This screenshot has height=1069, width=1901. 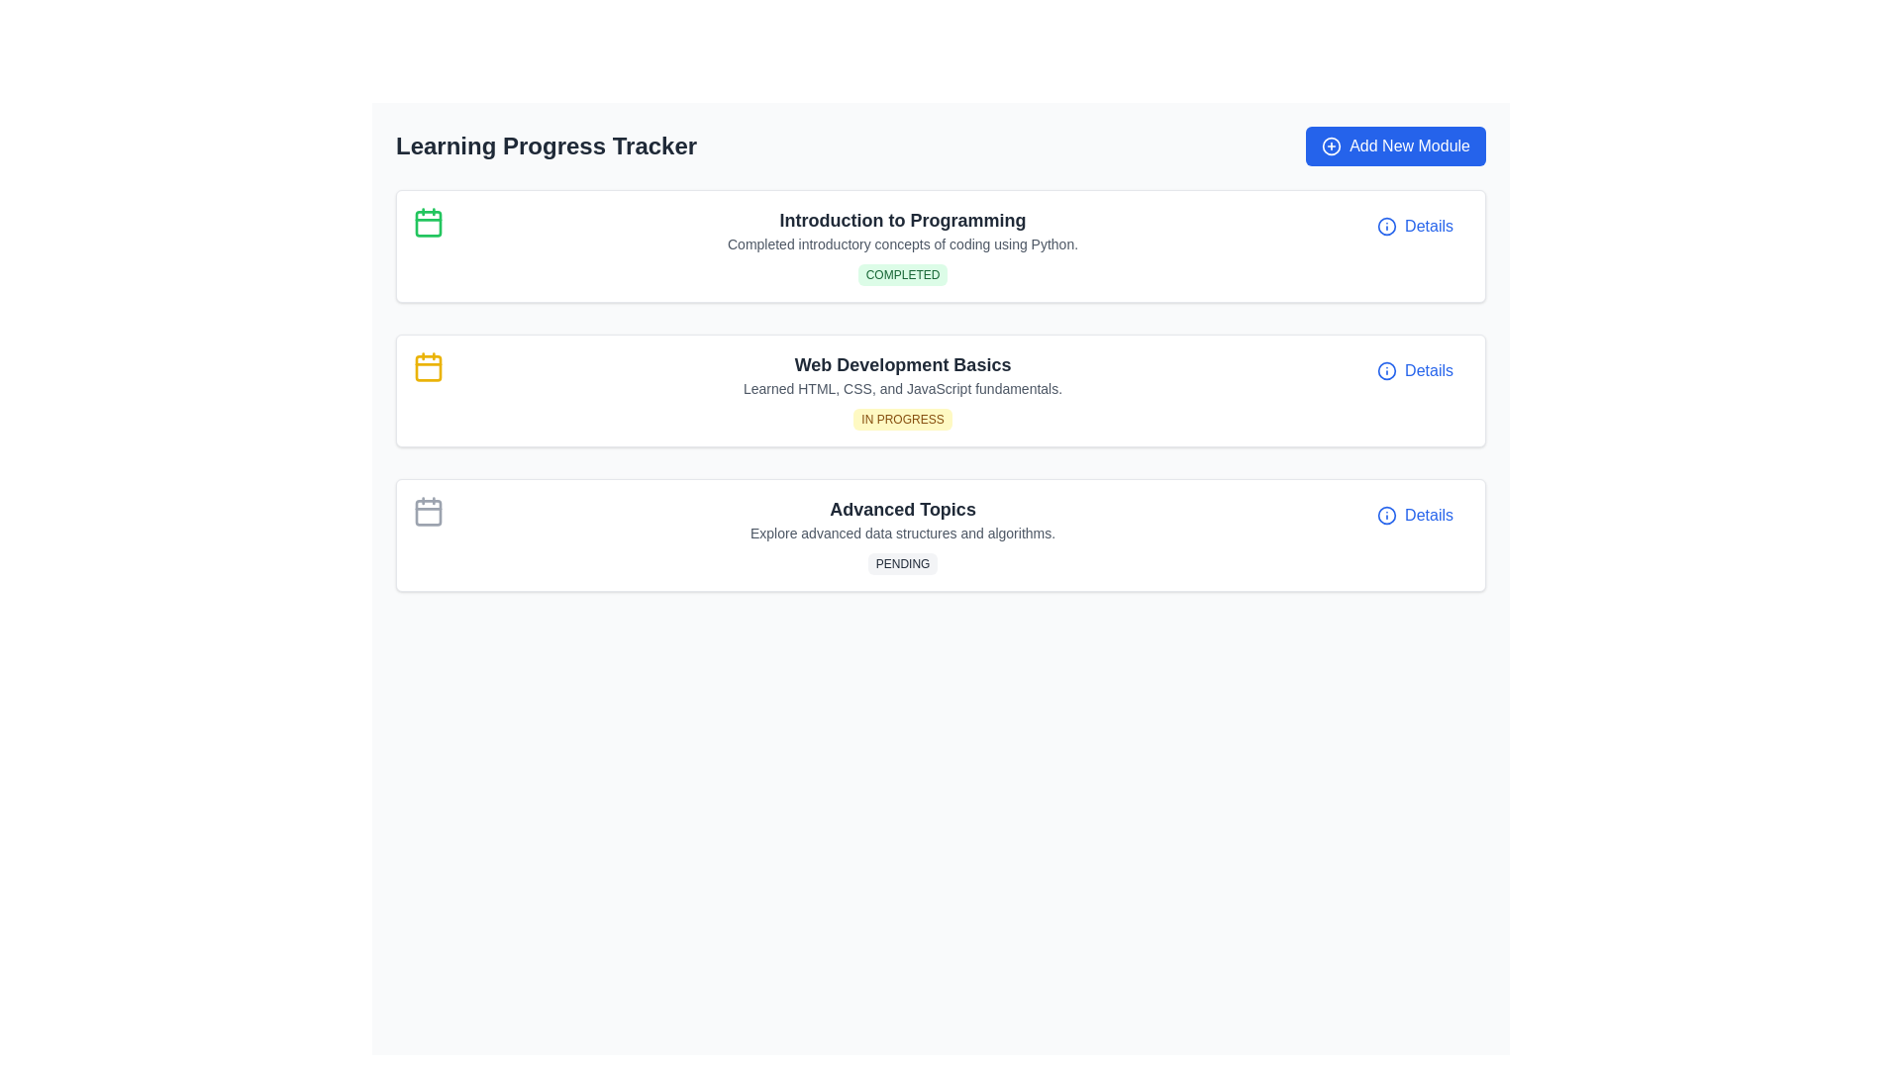 I want to click on the decorative graphical rectangle element of the SVG graphic representing the calendar for the 'Web Development Basics' section, so click(x=427, y=367).